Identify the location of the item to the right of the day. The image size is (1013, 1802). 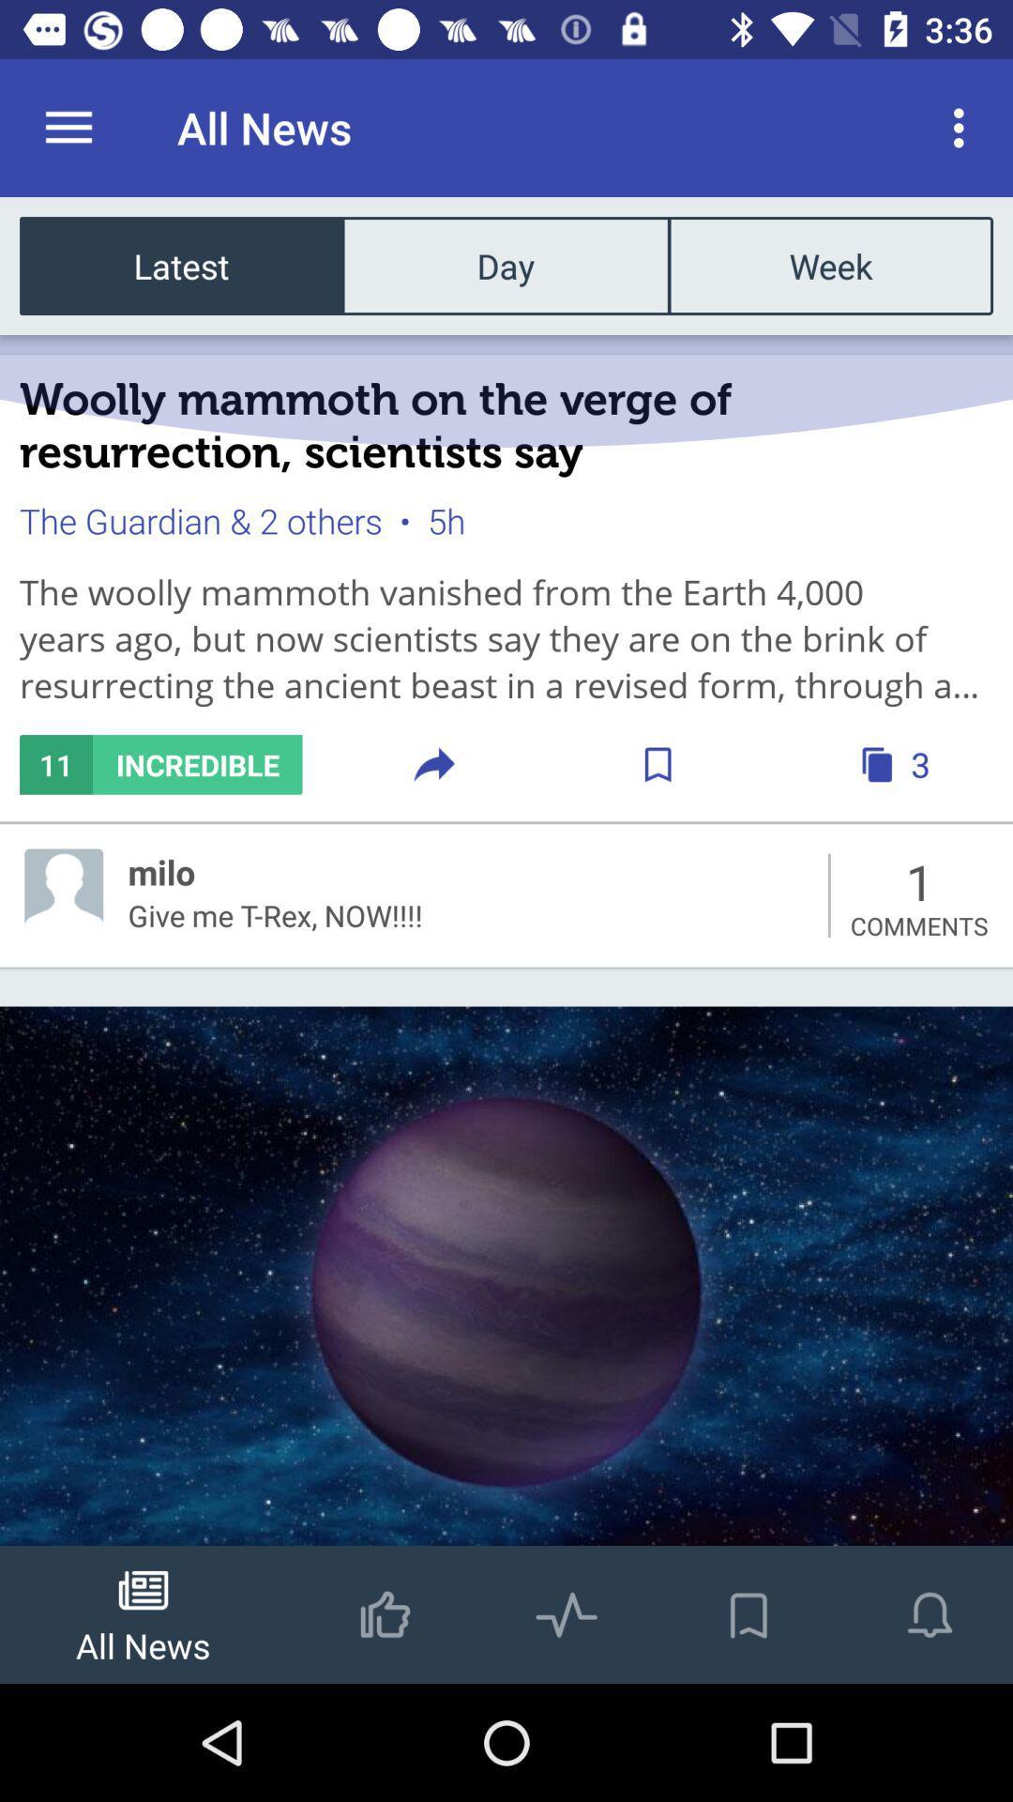
(829, 265).